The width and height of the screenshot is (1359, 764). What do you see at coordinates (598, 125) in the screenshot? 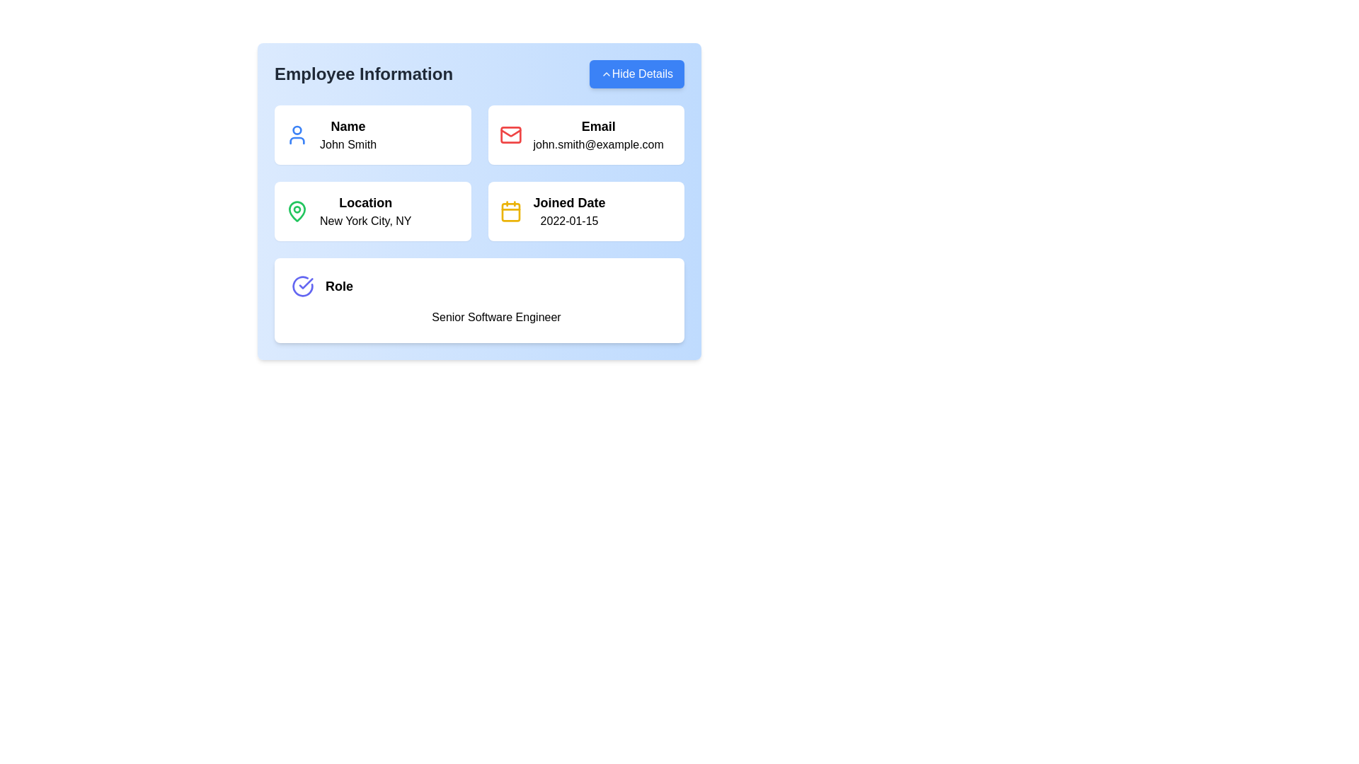
I see `the text label indicating the email address 'john.smith@example.com' located in the top-right section above the email address text` at bounding box center [598, 125].